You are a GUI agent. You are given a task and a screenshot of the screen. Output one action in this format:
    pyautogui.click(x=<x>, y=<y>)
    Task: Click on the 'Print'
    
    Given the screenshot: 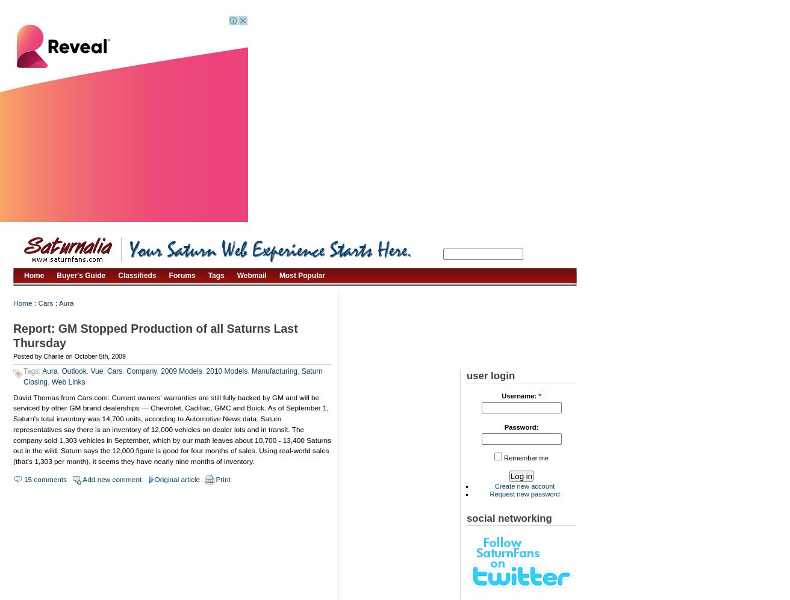 What is the action you would take?
    pyautogui.click(x=222, y=478)
    